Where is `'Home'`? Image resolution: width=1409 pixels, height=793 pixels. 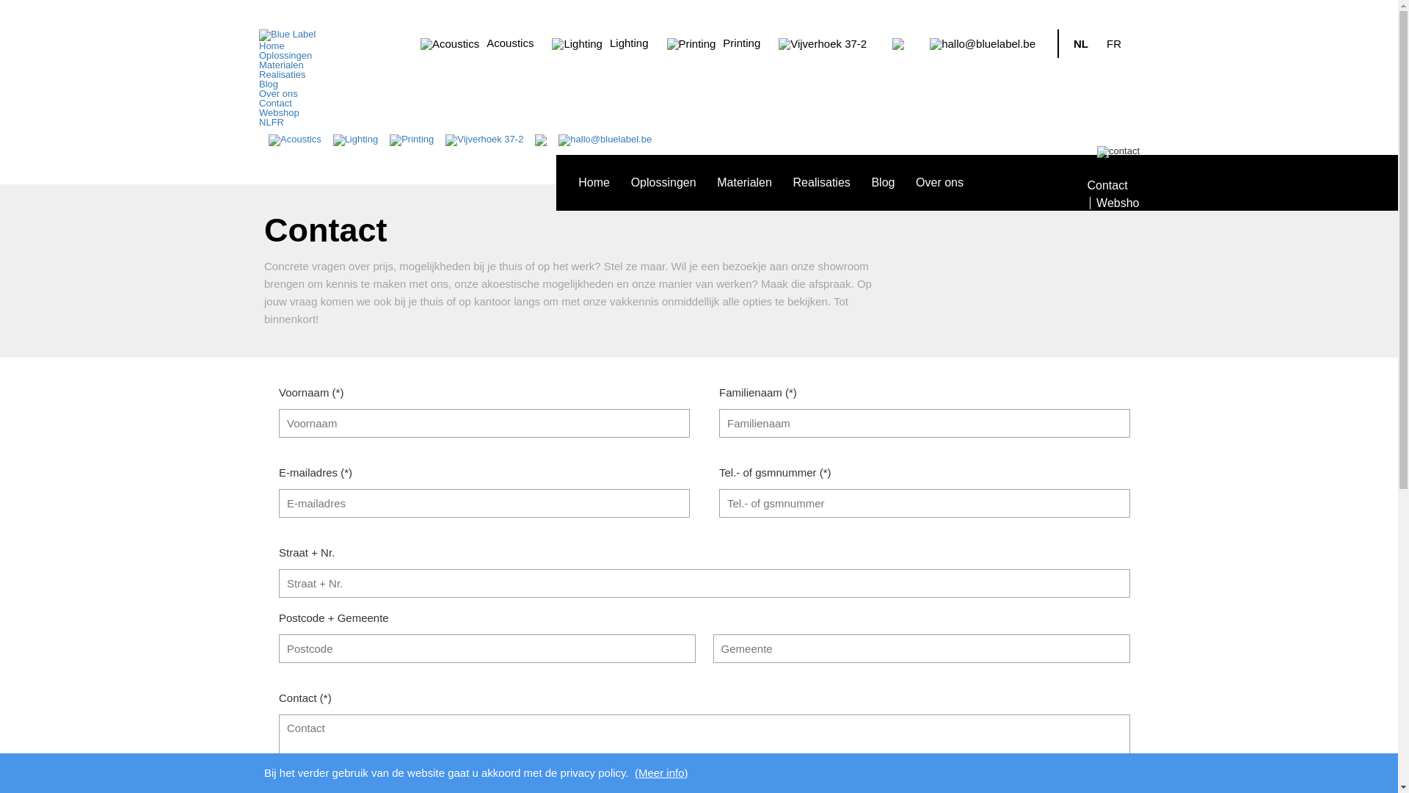 'Home' is located at coordinates (594, 181).